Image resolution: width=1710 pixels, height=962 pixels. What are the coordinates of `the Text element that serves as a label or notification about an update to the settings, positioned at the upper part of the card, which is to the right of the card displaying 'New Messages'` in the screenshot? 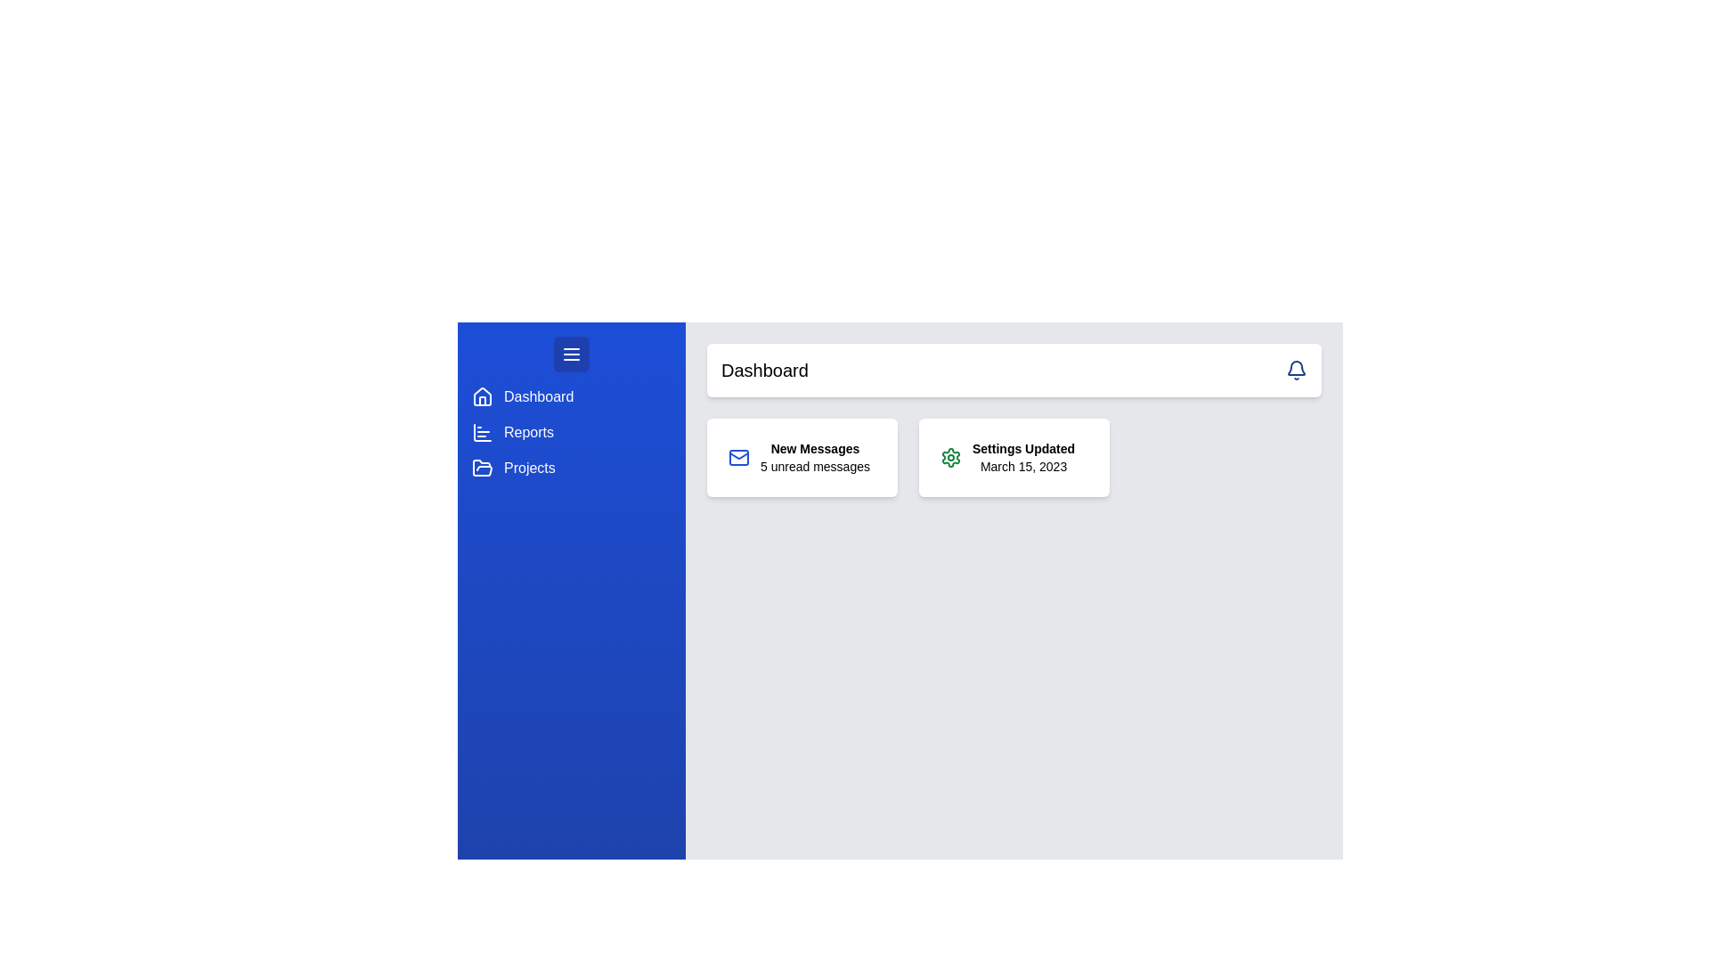 It's located at (1023, 448).